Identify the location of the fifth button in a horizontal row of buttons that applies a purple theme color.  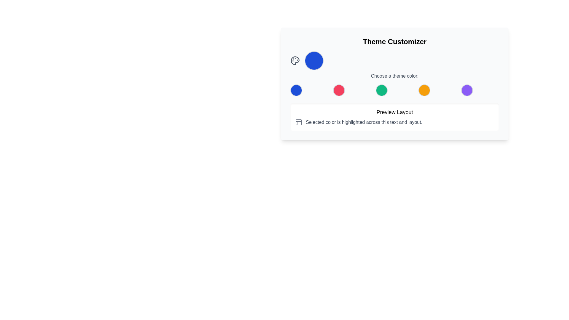
(466, 90).